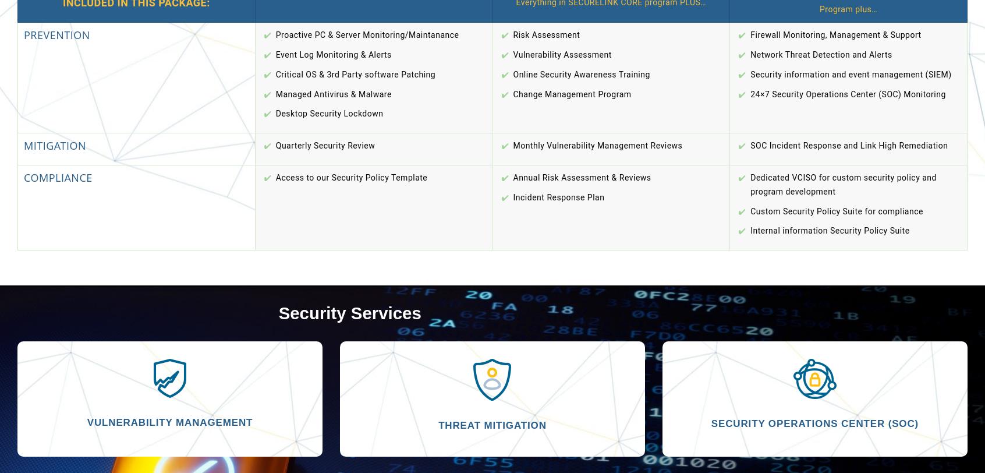 This screenshot has height=473, width=985. Describe the element at coordinates (724, 98) in the screenshot. I see `'Florham Park, NJ 07932'` at that location.